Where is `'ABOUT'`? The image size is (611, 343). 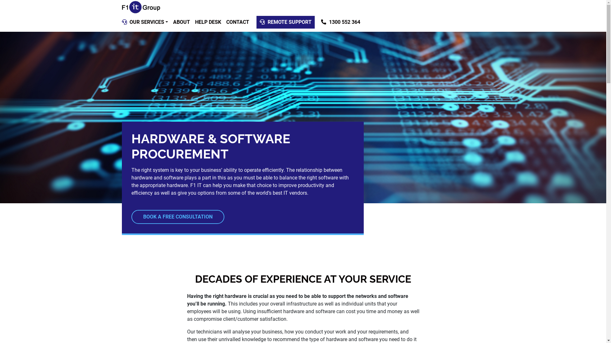 'ABOUT' is located at coordinates (181, 22).